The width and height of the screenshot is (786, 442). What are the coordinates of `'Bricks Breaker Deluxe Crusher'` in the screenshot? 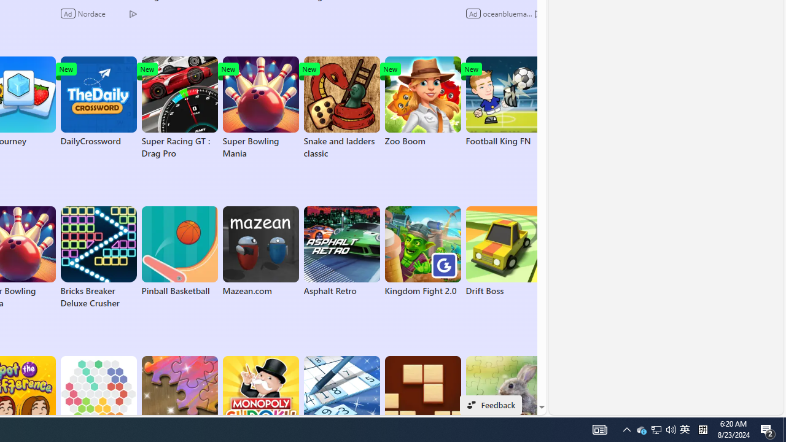 It's located at (98, 257).